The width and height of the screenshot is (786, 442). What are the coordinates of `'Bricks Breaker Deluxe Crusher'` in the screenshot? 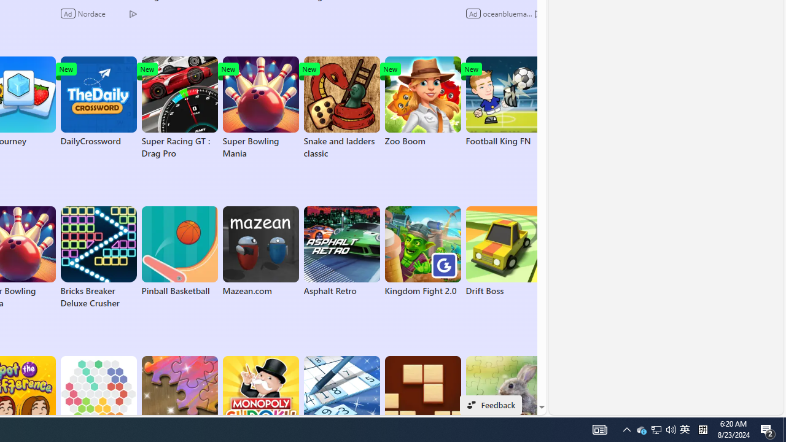 It's located at (98, 257).